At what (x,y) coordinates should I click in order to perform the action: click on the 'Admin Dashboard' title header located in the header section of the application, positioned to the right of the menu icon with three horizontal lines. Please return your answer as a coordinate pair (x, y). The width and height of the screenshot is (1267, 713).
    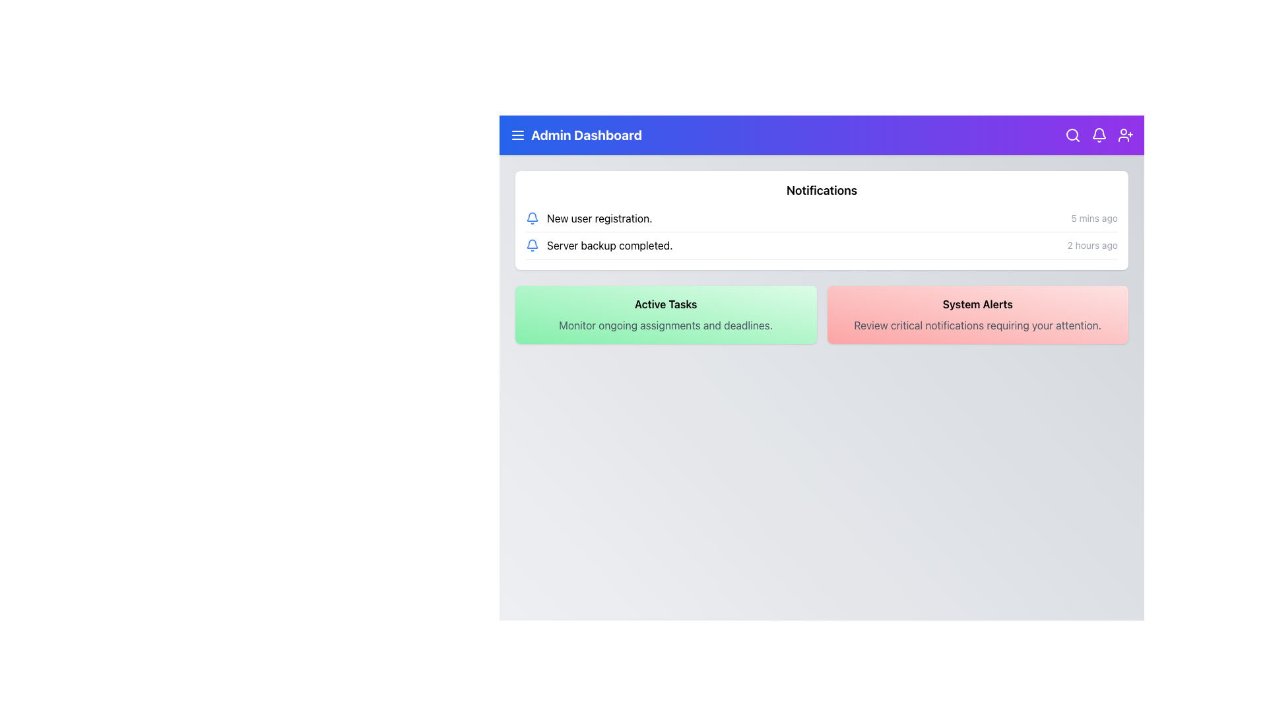
    Looking at the image, I should click on (576, 135).